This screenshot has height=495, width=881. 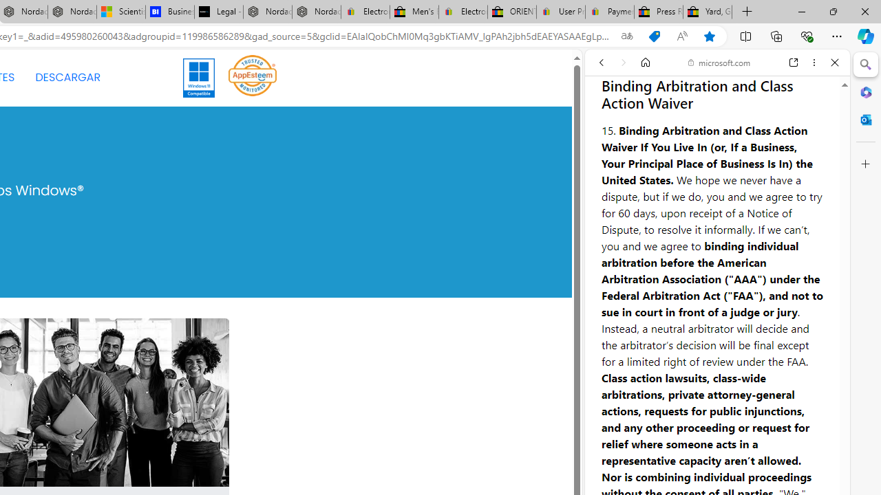 What do you see at coordinates (865, 164) in the screenshot?
I see `'Customize'` at bounding box center [865, 164].